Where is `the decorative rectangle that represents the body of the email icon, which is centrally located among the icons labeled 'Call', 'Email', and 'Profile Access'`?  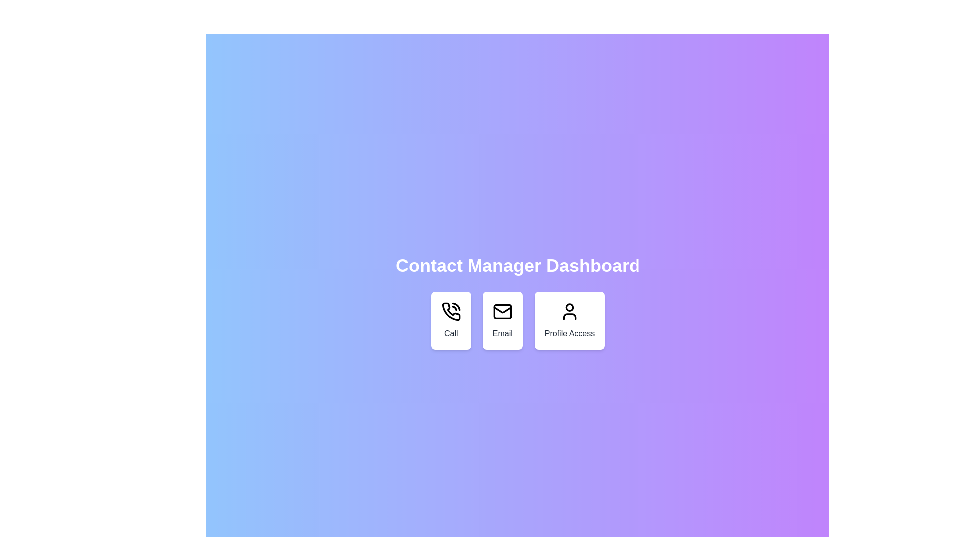 the decorative rectangle that represents the body of the email icon, which is centrally located among the icons labeled 'Call', 'Email', and 'Profile Access' is located at coordinates (502, 311).